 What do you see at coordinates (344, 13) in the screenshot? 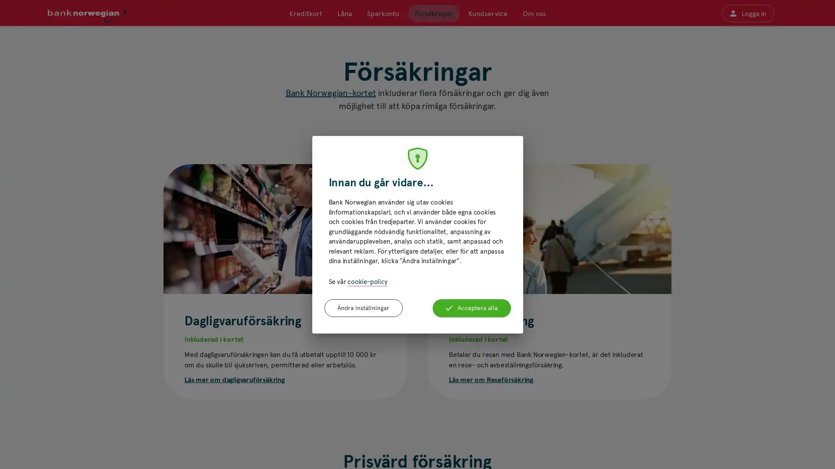
I see `Lana` at bounding box center [344, 13].